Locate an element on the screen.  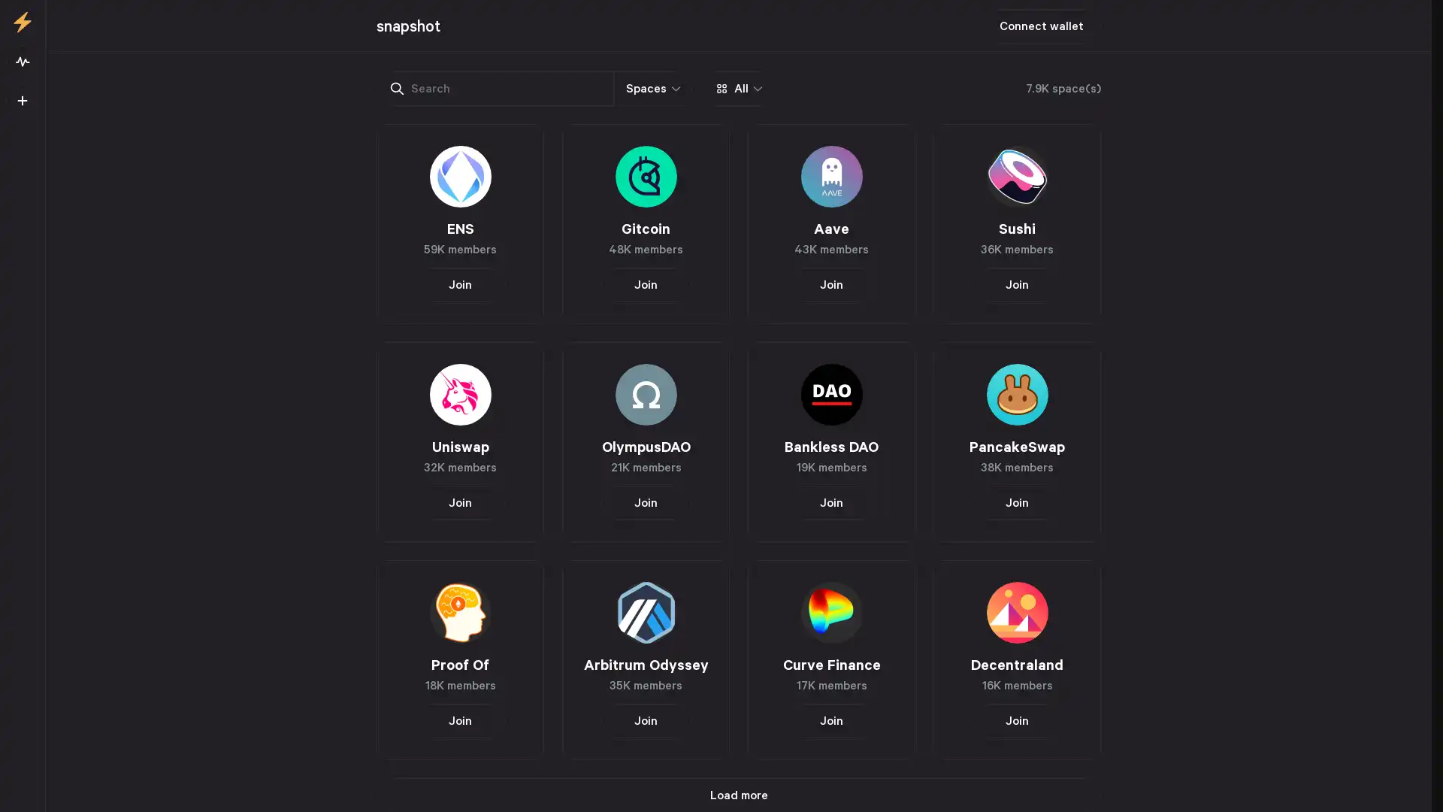
Join is located at coordinates (830, 284).